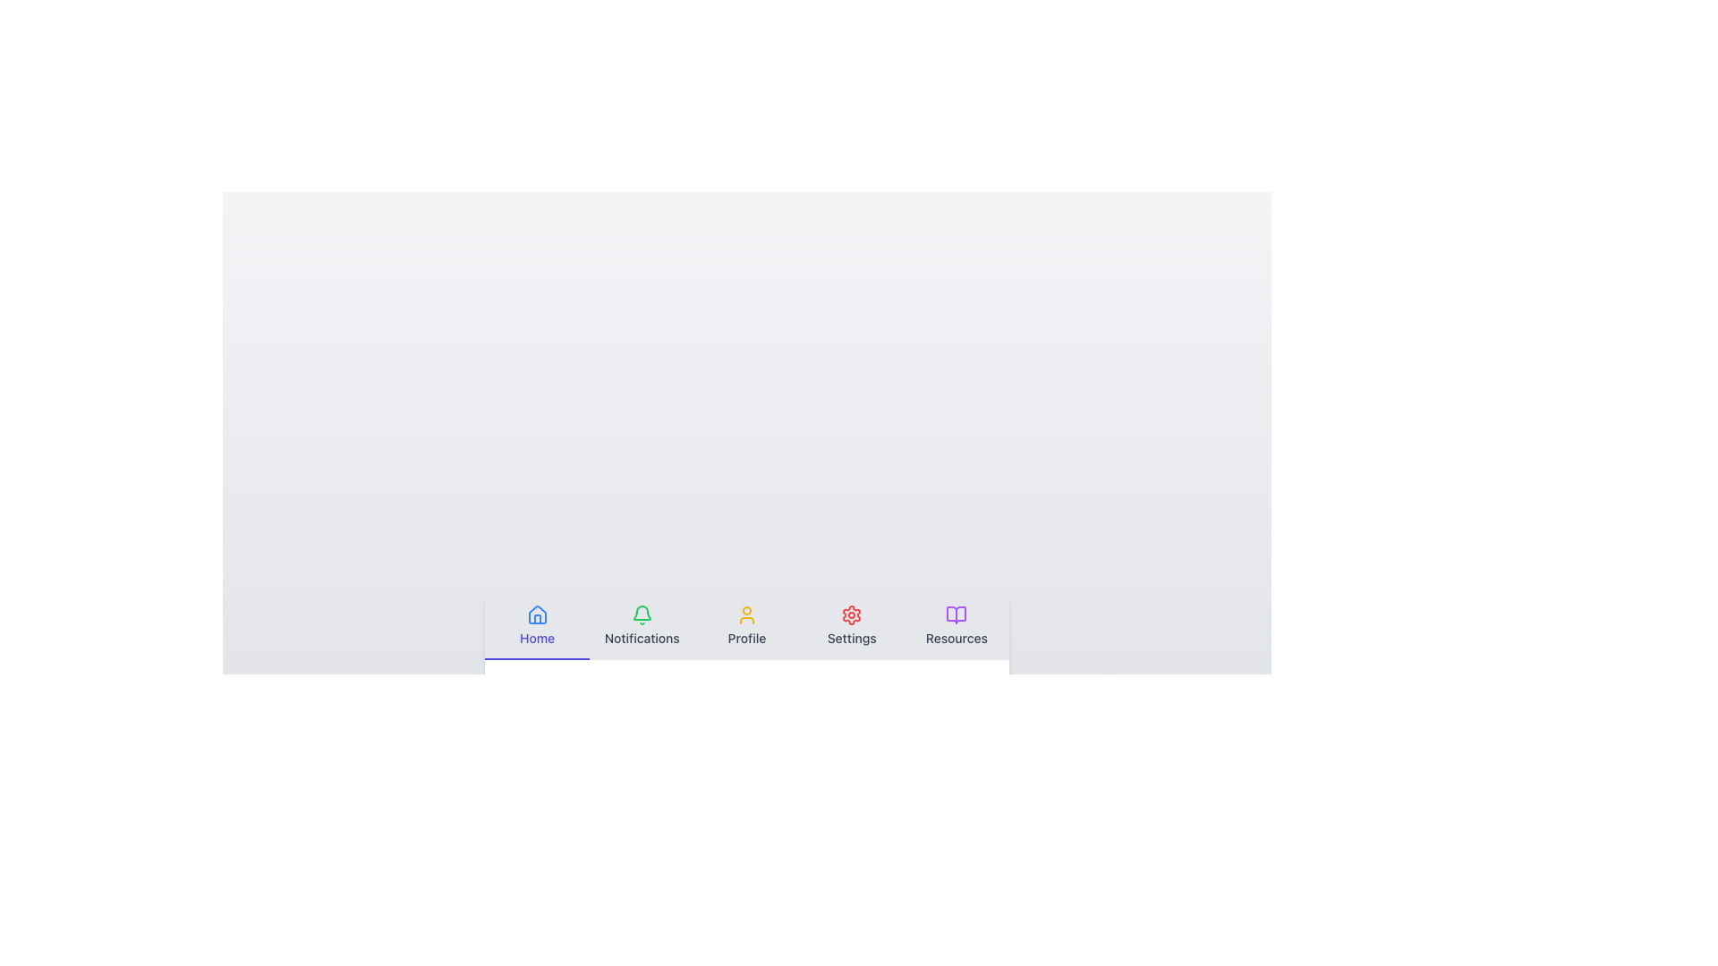  I want to click on the red gear icon button located in the navigation bar at the bottom of the interface, so click(851, 614).